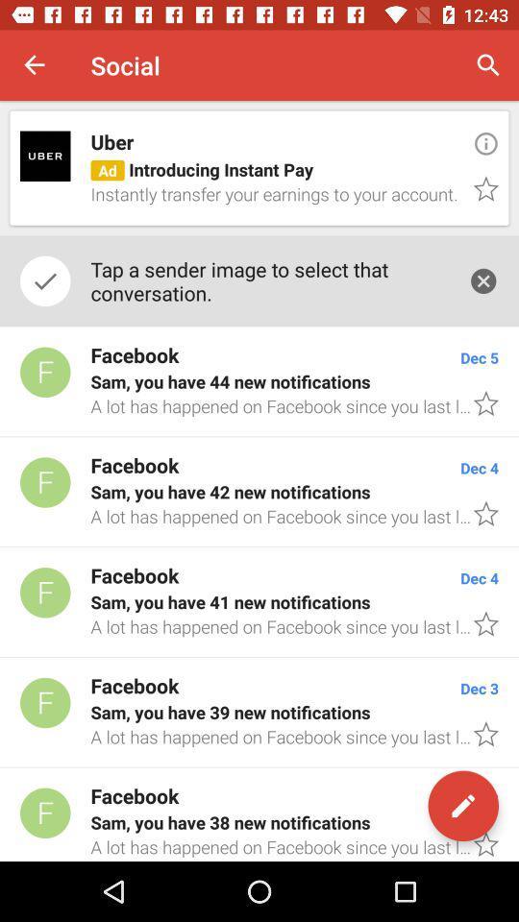 This screenshot has height=922, width=519. What do you see at coordinates (482, 279) in the screenshot?
I see `the icon next to the tap a sender item` at bounding box center [482, 279].